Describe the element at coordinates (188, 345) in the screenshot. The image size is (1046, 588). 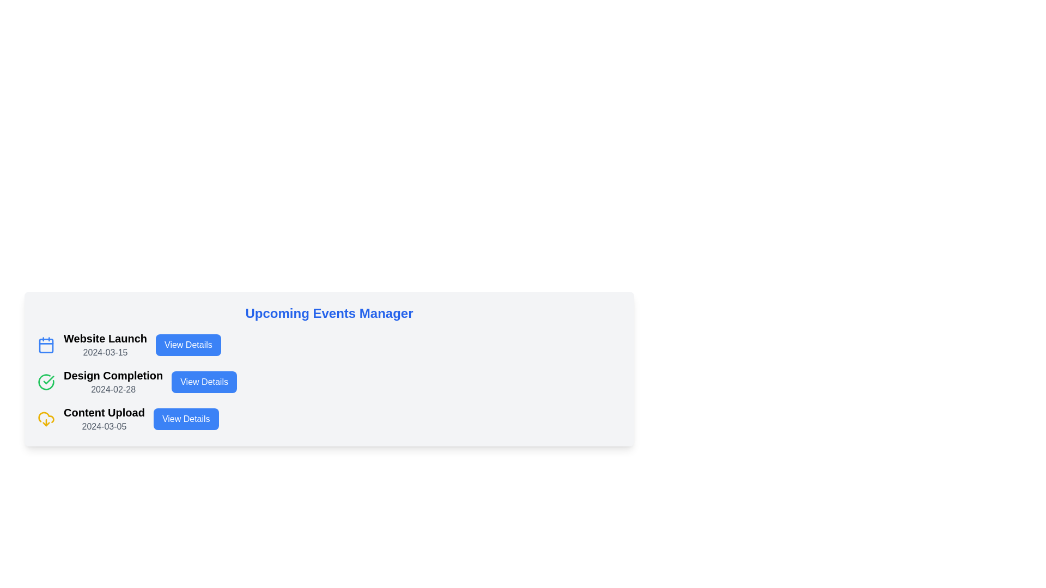
I see `the vibrant blue button labeled 'View Details' with rounded corners` at that location.